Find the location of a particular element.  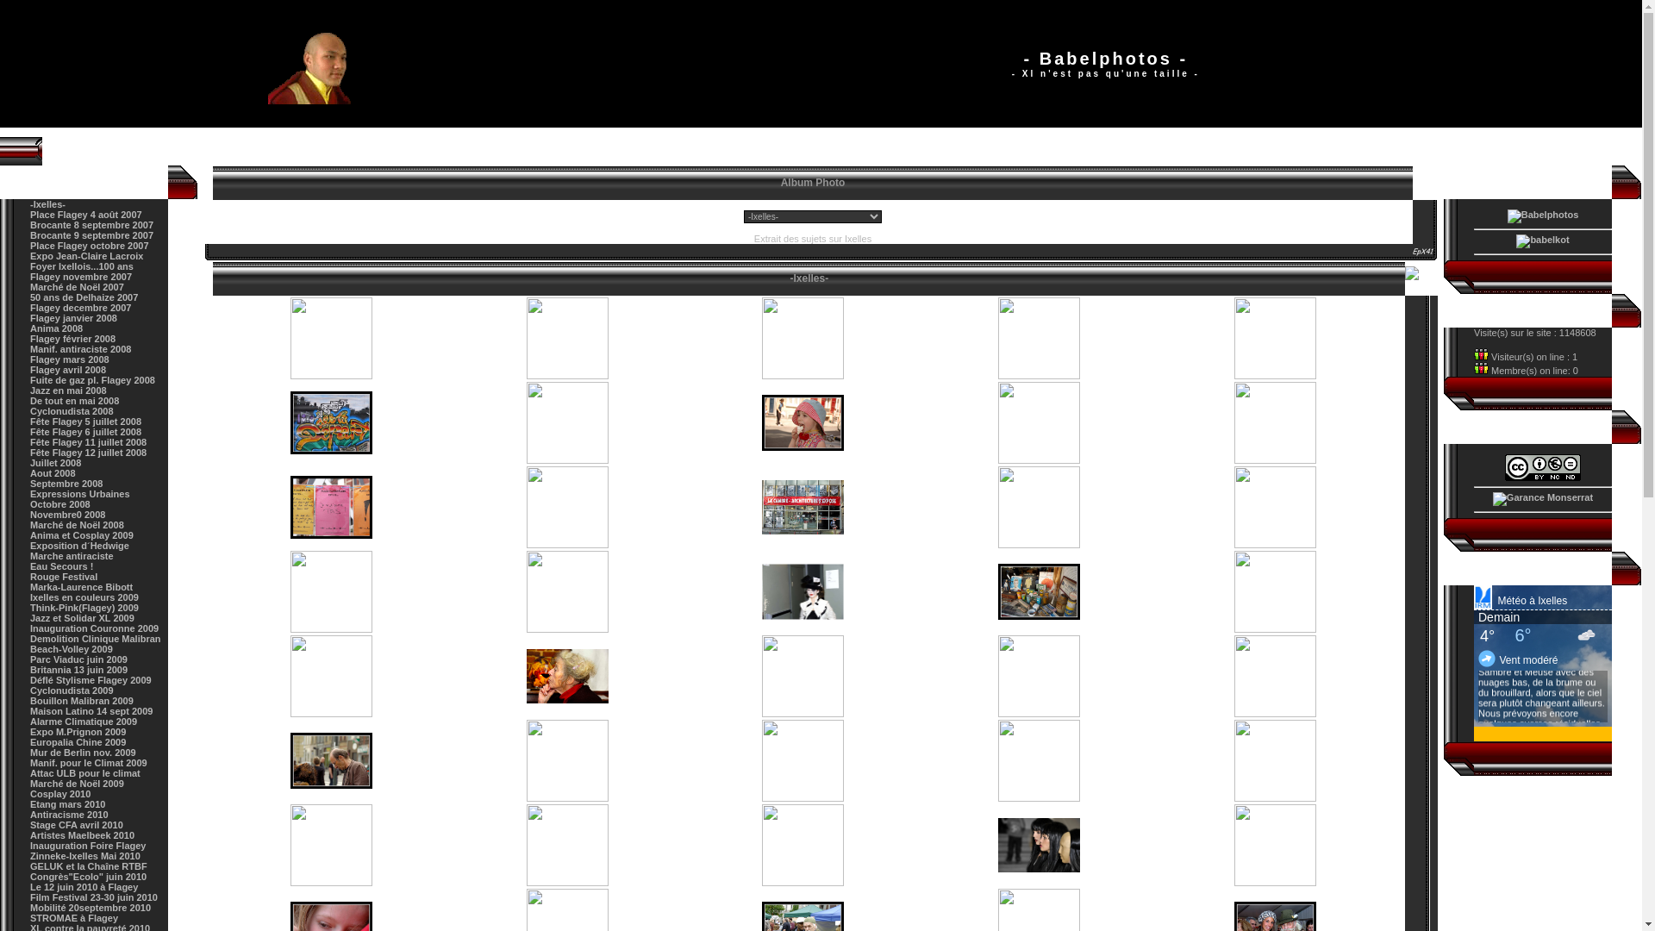

'Cyclonudista 2008' is located at coordinates (71, 411).